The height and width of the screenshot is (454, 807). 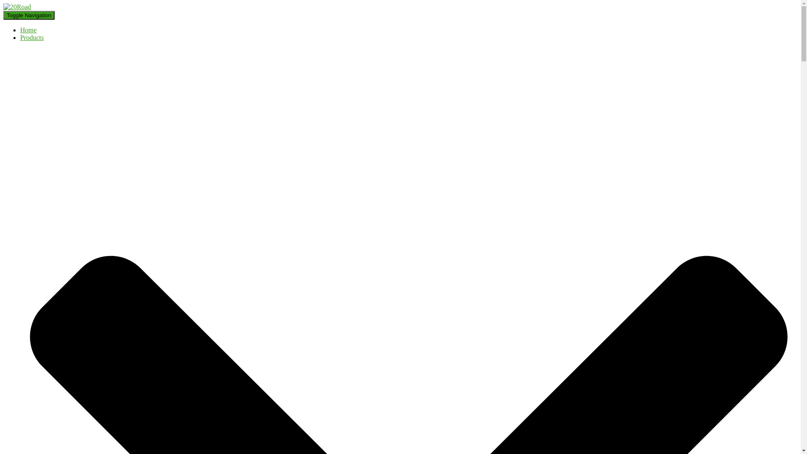 I want to click on '20Road', so click(x=17, y=7).